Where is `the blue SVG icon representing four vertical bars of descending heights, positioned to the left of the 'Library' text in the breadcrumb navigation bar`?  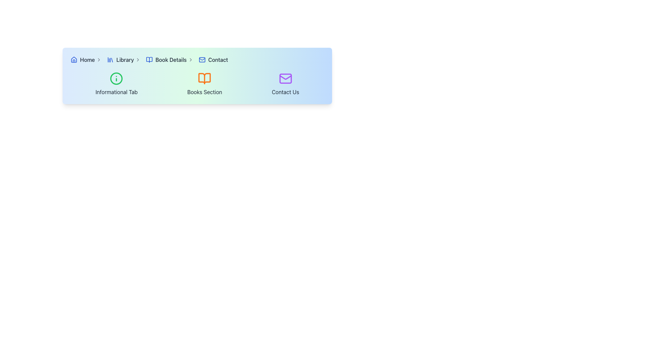
the blue SVG icon representing four vertical bars of descending heights, positioned to the left of the 'Library' text in the breadcrumb navigation bar is located at coordinates (110, 59).